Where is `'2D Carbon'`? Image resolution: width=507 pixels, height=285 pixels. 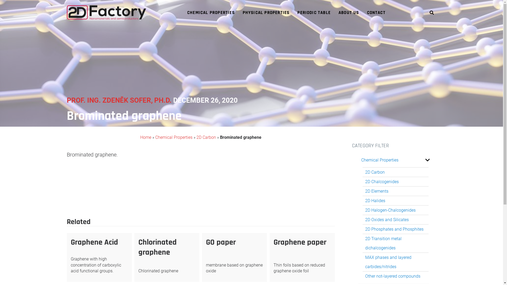
'2D Carbon' is located at coordinates (365, 172).